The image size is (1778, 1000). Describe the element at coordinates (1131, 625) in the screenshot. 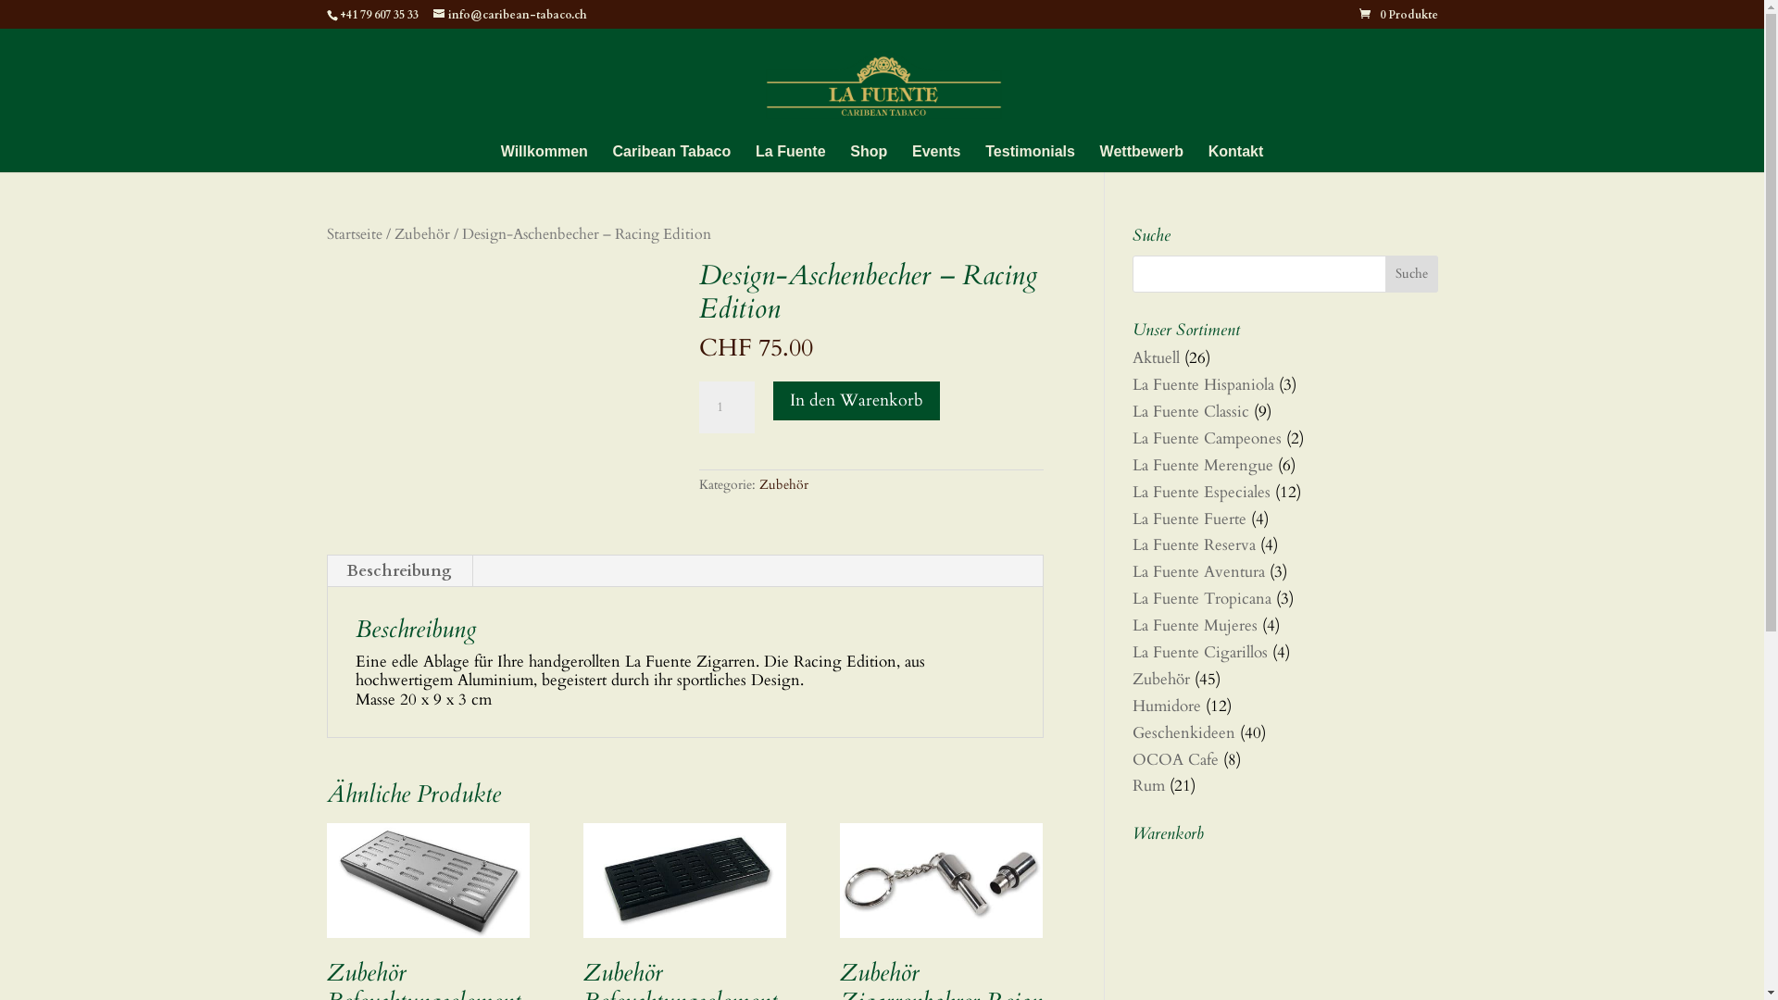

I see `'La Fuente Mujeres'` at that location.